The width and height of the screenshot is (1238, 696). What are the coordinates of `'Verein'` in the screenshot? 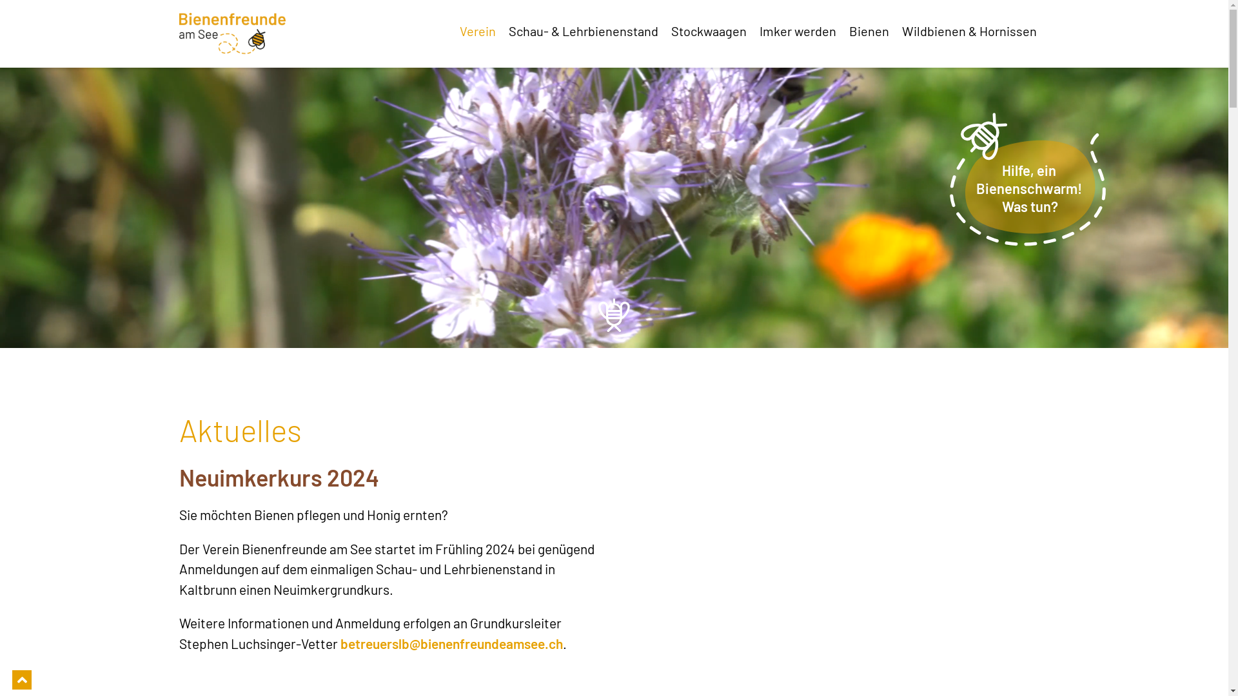 It's located at (482, 30).